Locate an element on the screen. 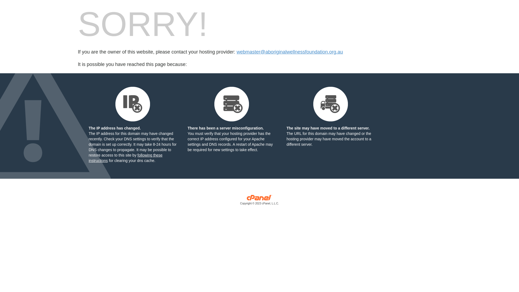 The height and width of the screenshot is (292, 519). 'following these instructions' is located at coordinates (88, 158).